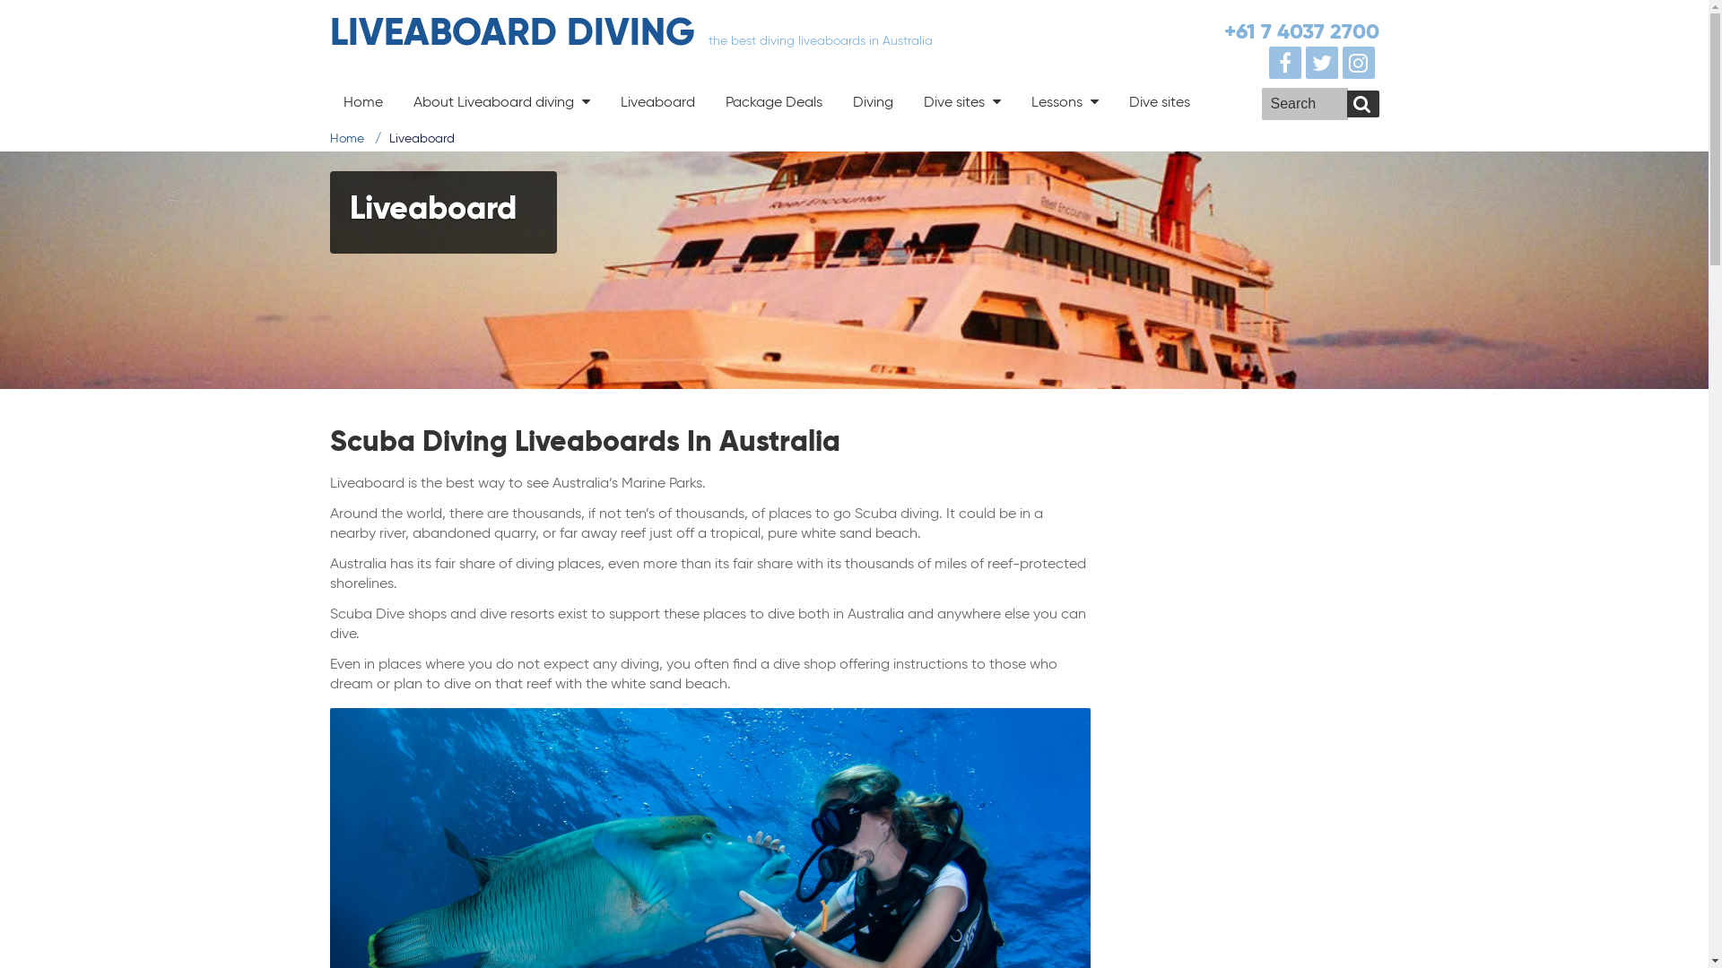 The width and height of the screenshot is (1722, 968). What do you see at coordinates (399, 100) in the screenshot?
I see `'About Liveaboard diving'` at bounding box center [399, 100].